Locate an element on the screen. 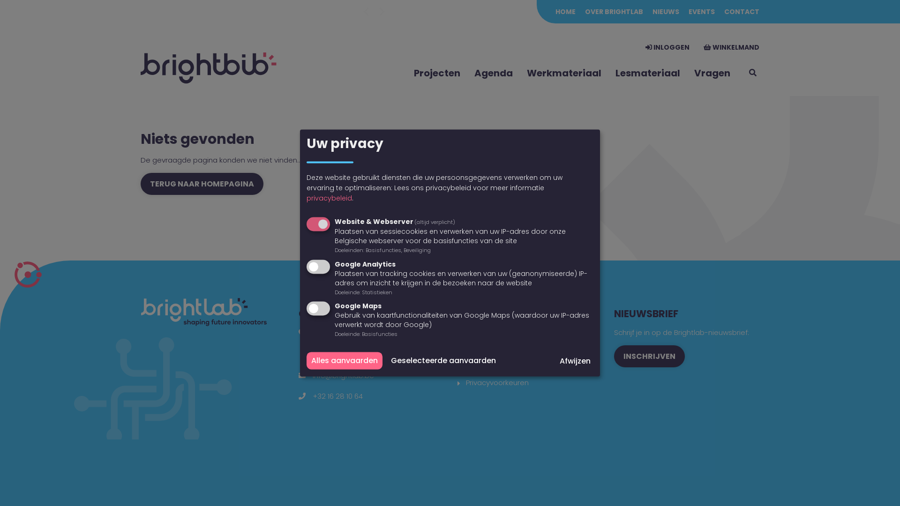 The width and height of the screenshot is (900, 506). 'NIEUWS' is located at coordinates (665, 11).